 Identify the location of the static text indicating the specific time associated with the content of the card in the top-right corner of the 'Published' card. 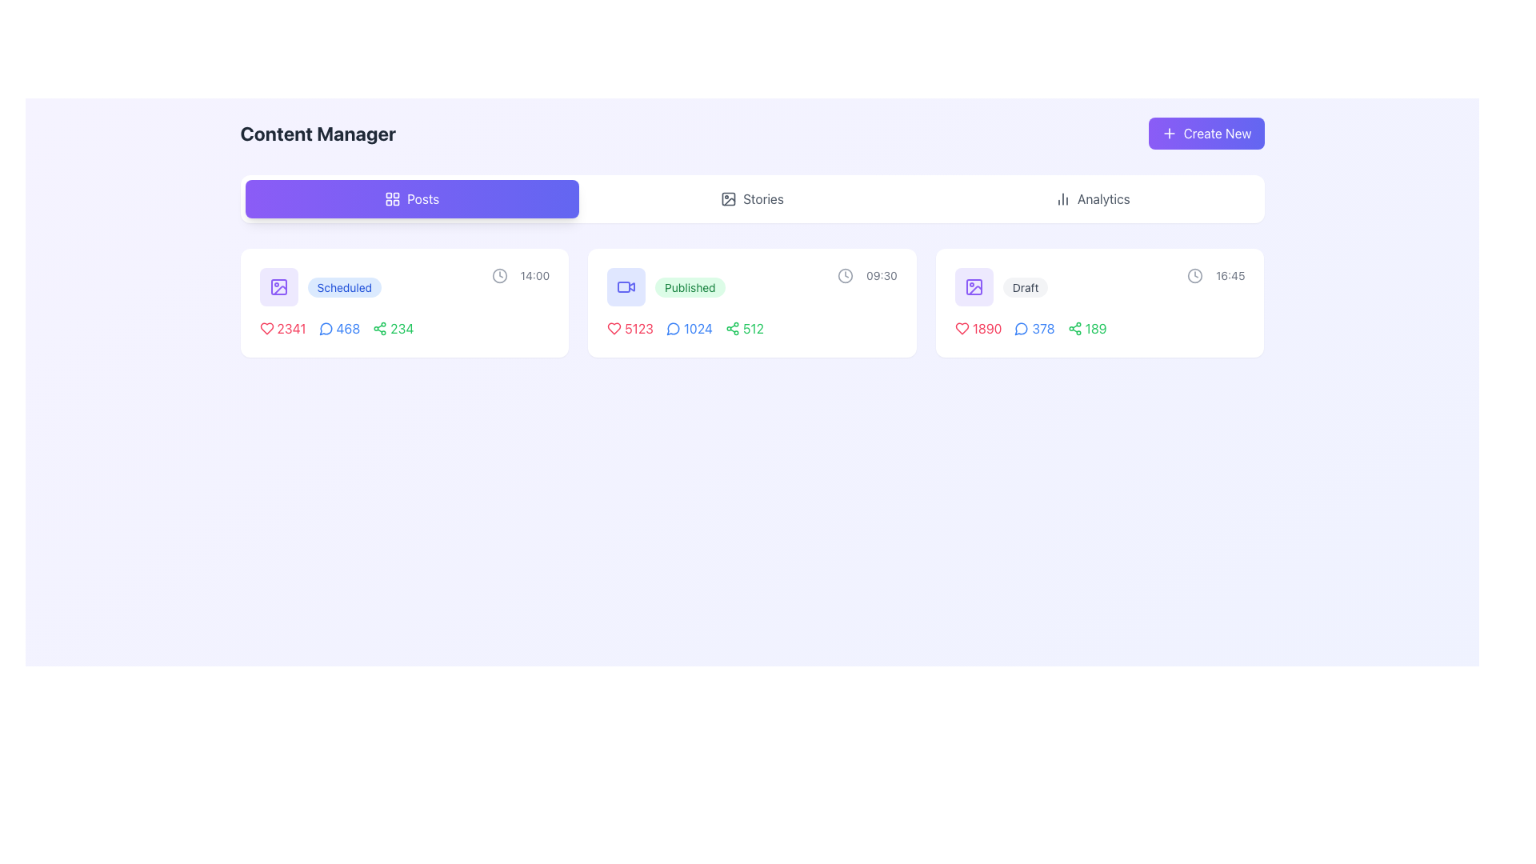
(881, 274).